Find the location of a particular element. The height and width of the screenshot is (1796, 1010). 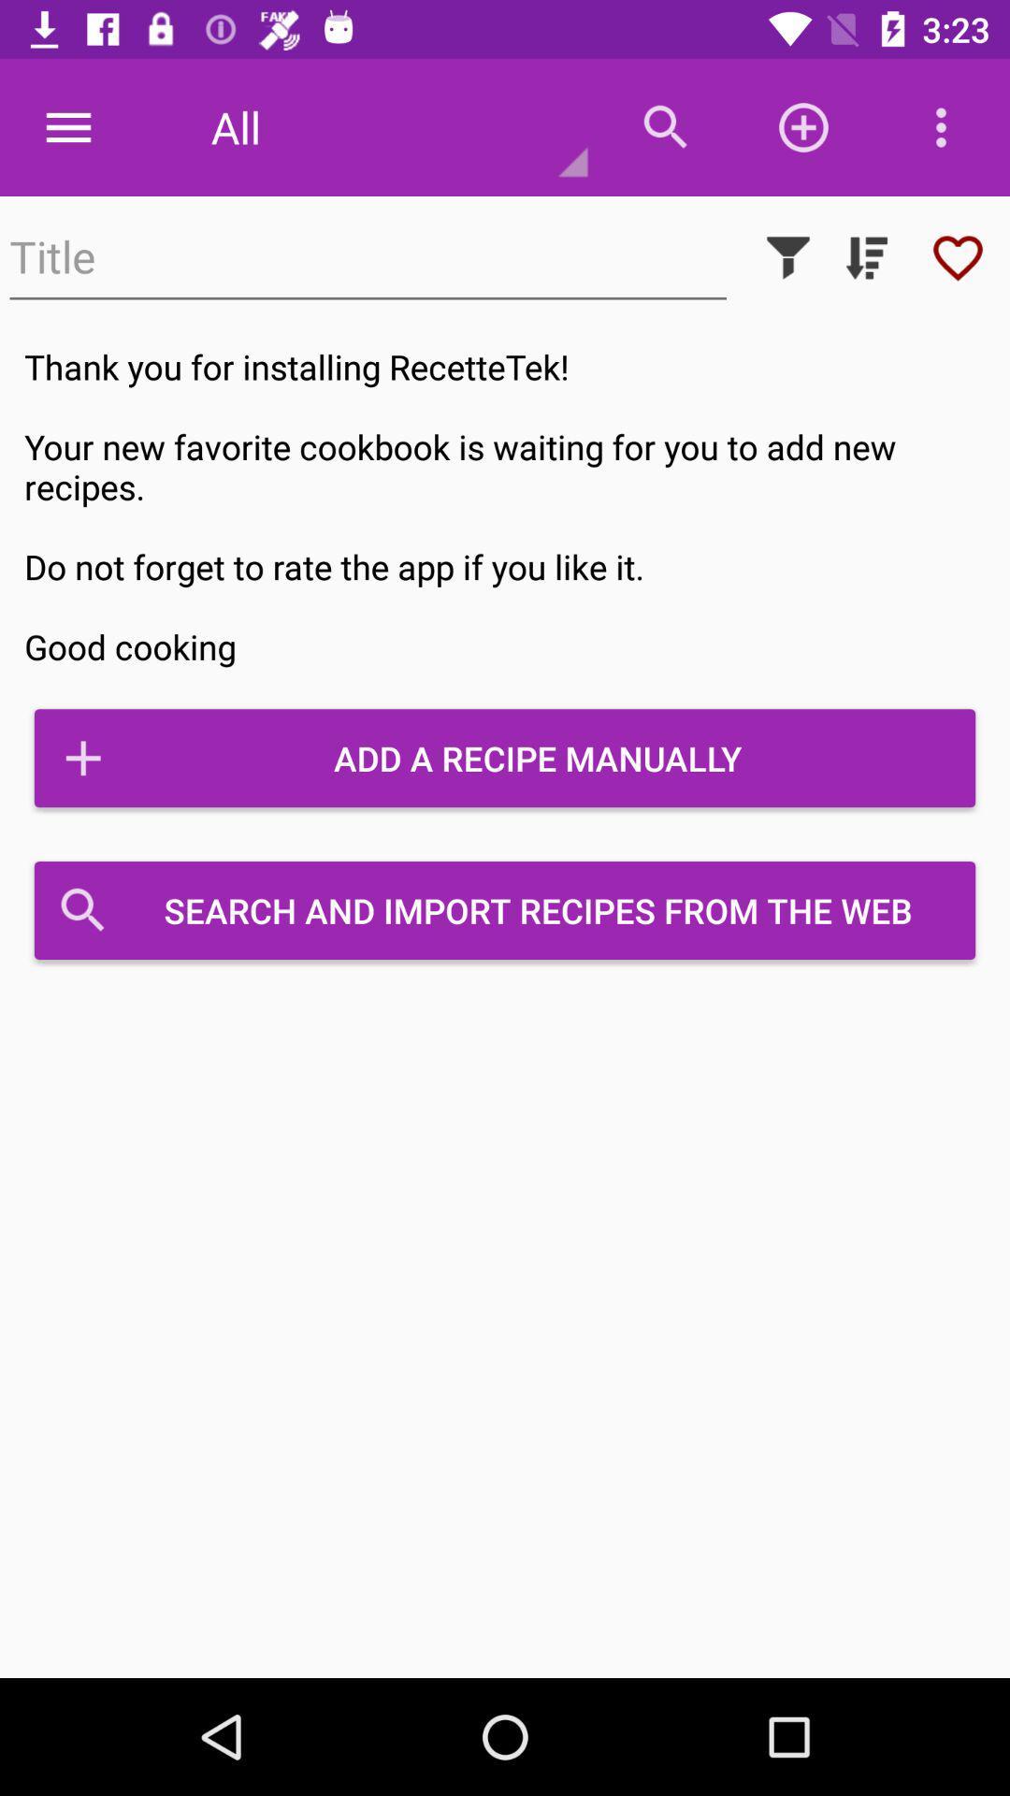

the item to the left of the all item is located at coordinates (67, 126).